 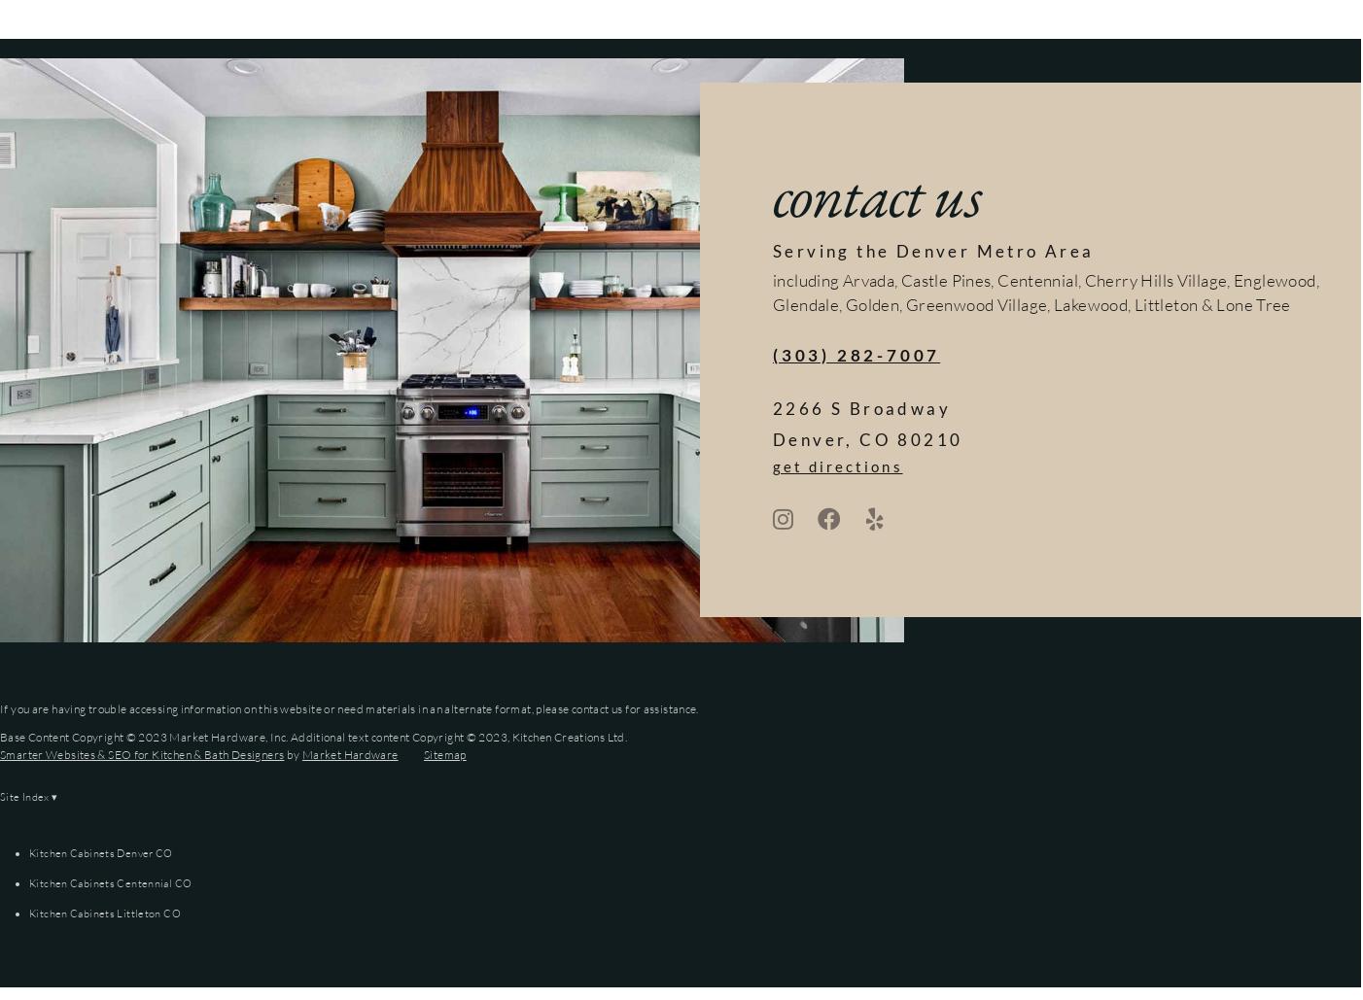 I want to click on 'Base Content Copyright © 2023 Market Hardware, Inc. Additional text content Copyright © 2023, Kitchen Creations Ltd.', so click(x=0, y=737).